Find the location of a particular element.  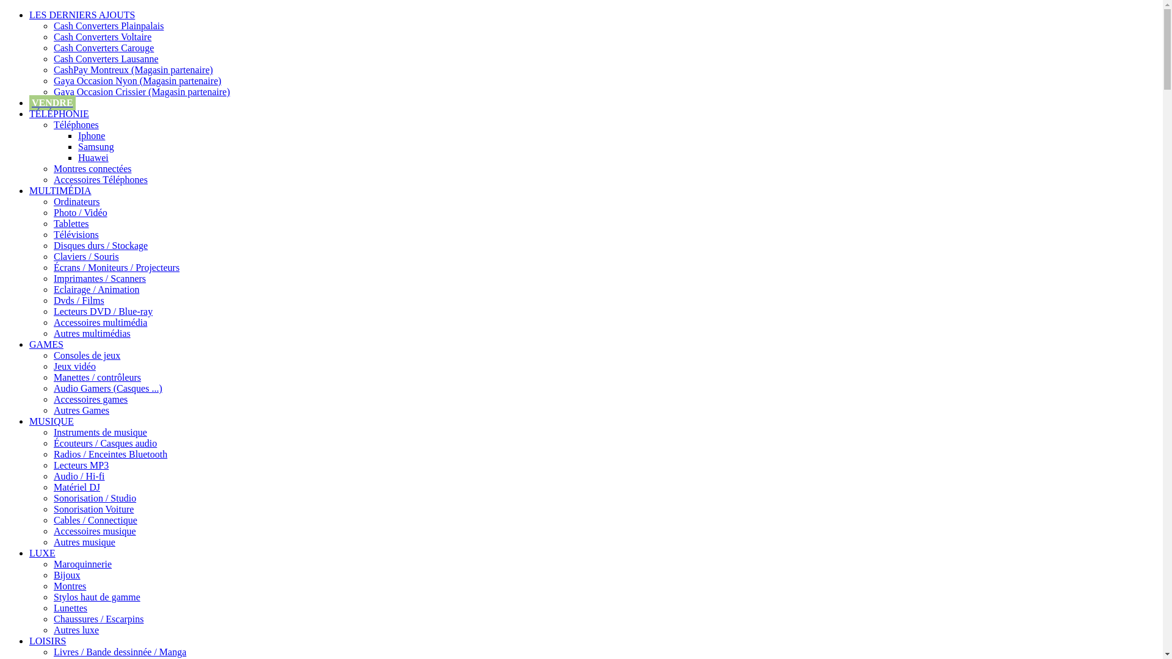

'Iphone' is located at coordinates (78, 135).